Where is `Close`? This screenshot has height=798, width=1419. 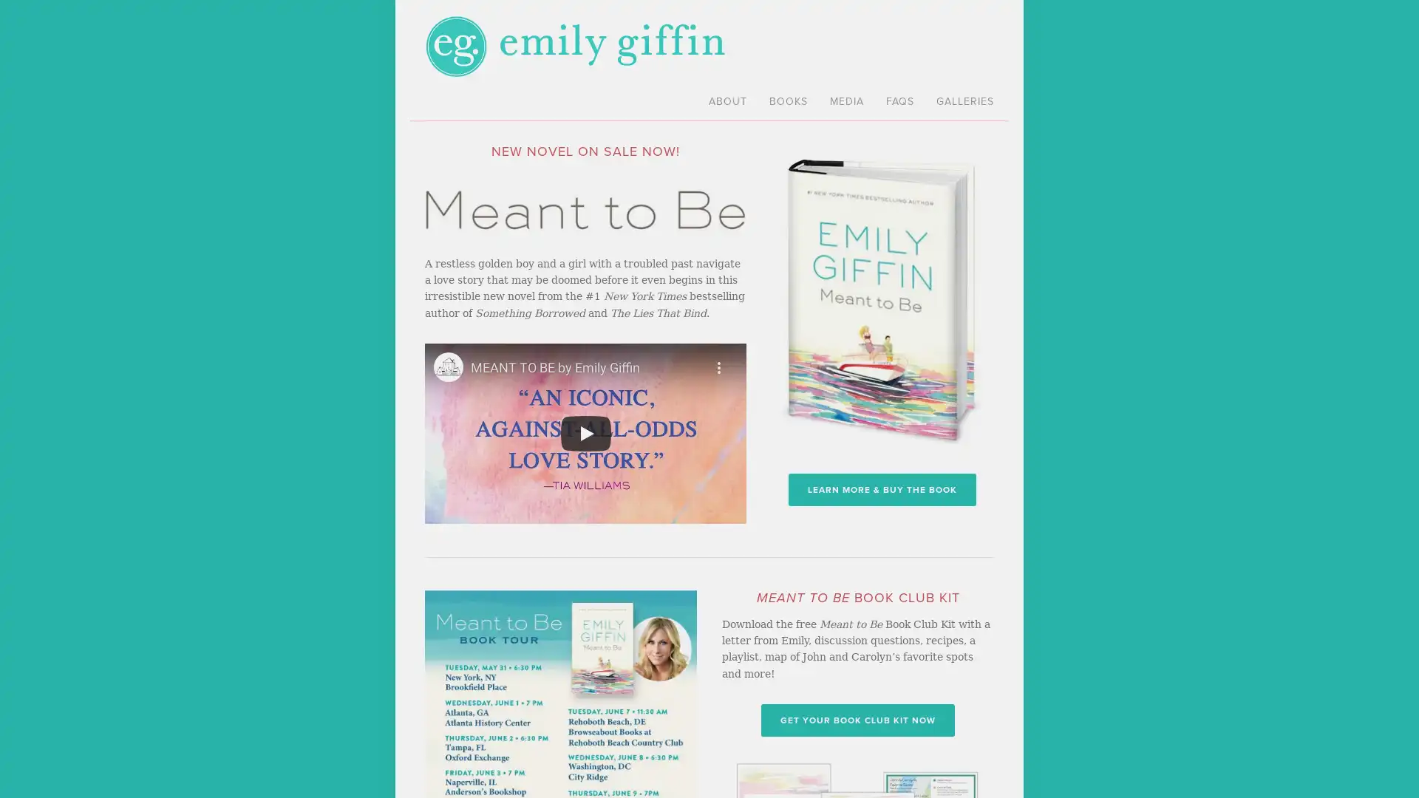 Close is located at coordinates (922, 270).